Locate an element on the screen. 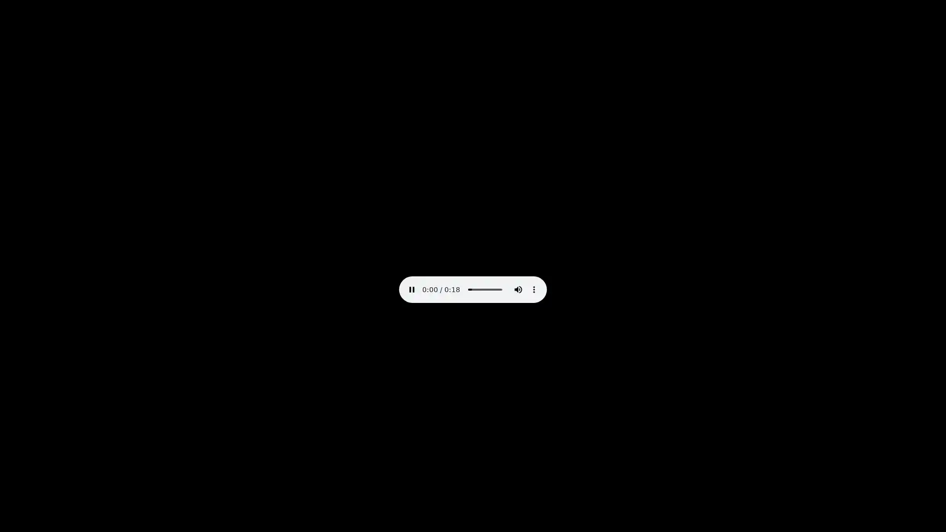 The image size is (946, 532). pause is located at coordinates (411, 289).